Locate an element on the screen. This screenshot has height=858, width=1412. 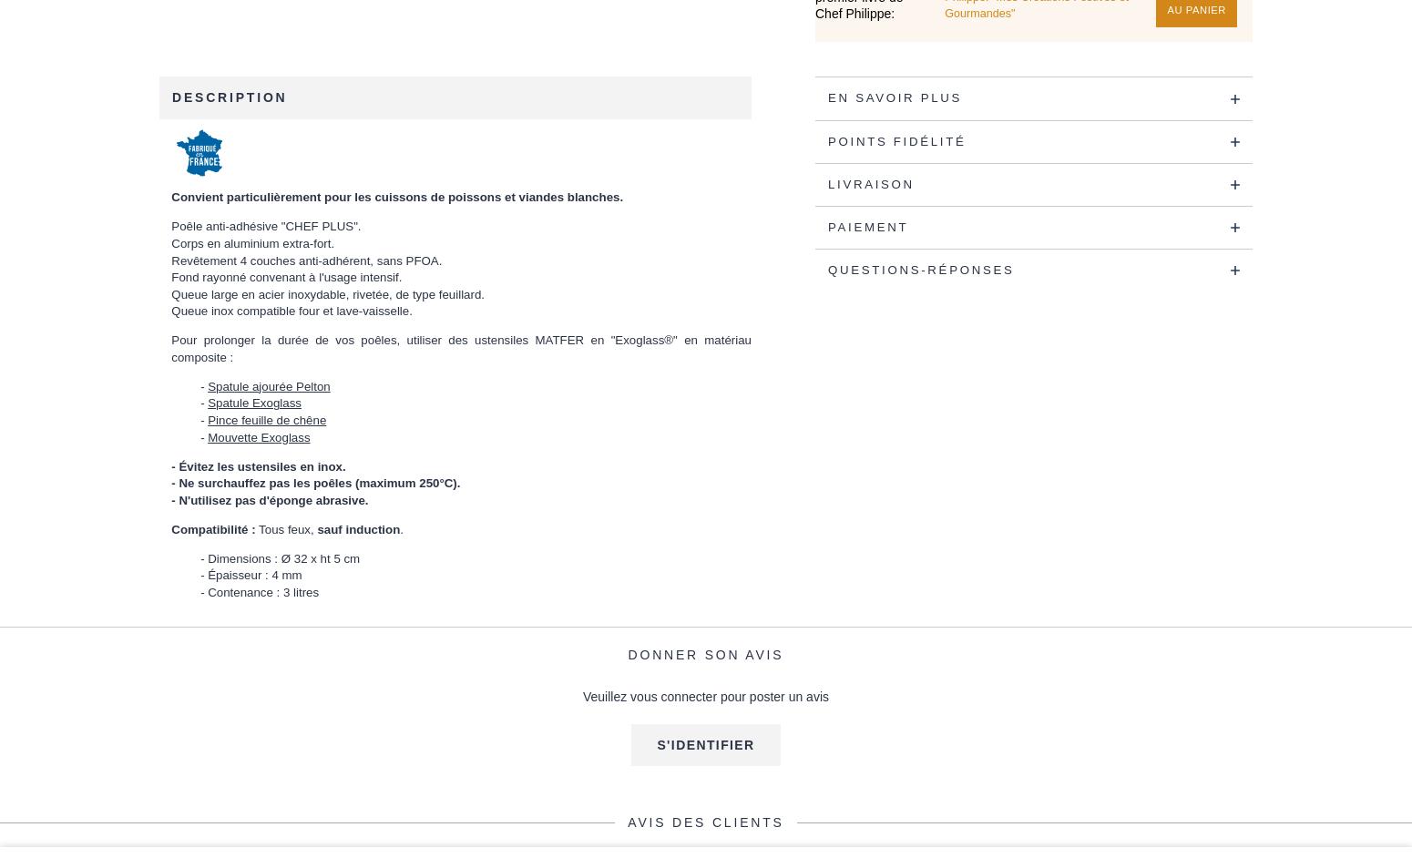
'En savoir plus' is located at coordinates (894, 97).